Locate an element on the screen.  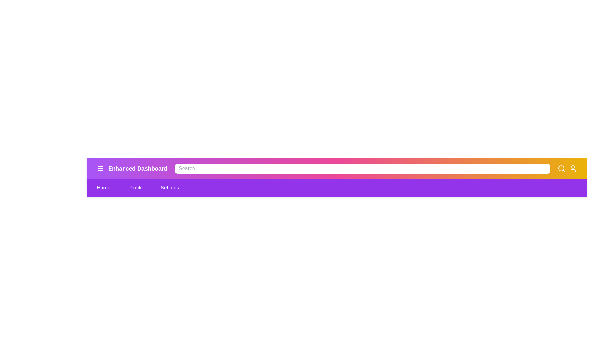
the Profile menu item to navigate to the corresponding section is located at coordinates (135, 187).